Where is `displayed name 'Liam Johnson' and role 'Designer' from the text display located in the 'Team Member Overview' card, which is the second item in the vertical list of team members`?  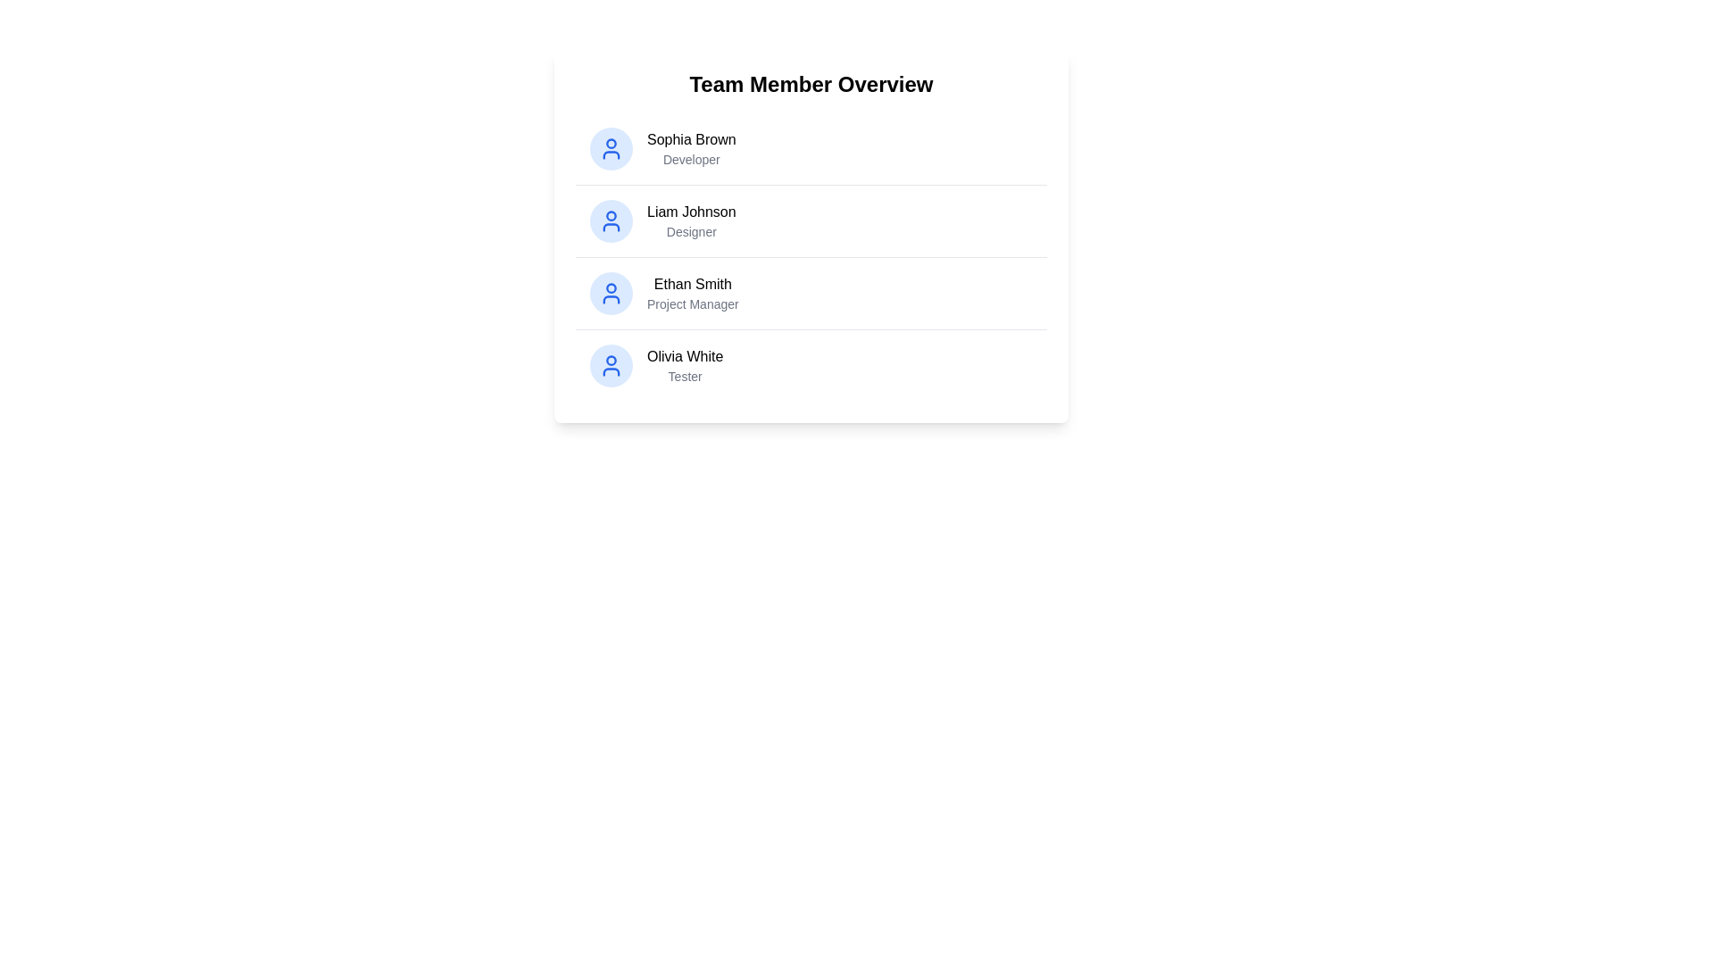 displayed name 'Liam Johnson' and role 'Designer' from the text display located in the 'Team Member Overview' card, which is the second item in the vertical list of team members is located at coordinates (690, 220).